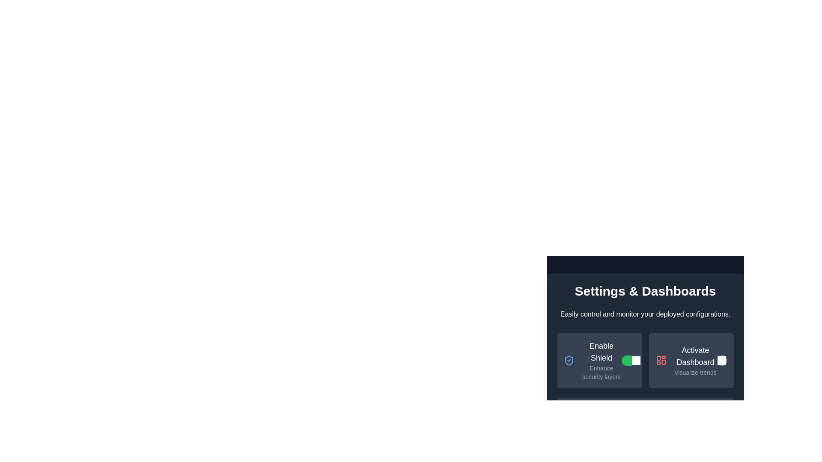 This screenshot has height=462, width=822. Describe the element at coordinates (601, 352) in the screenshot. I see `the static text element that serves as a title or label for the 'Enable Shield' feature, located in the upper left corner of its section, adjacent to a green toggle switch` at that location.